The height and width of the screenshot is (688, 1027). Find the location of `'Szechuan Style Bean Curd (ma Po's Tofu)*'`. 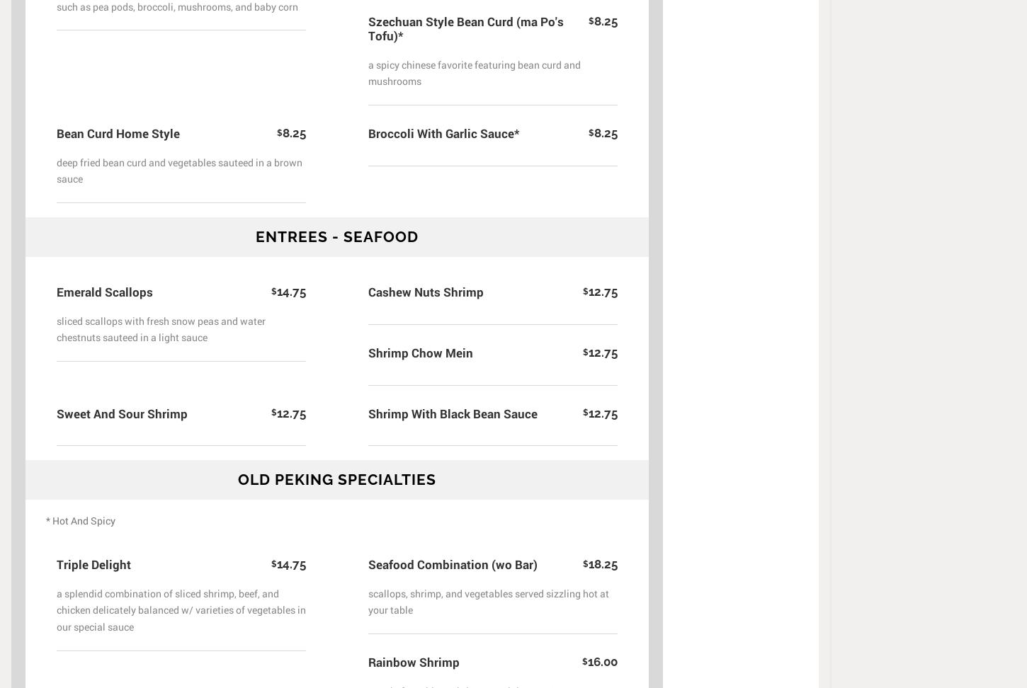

'Szechuan Style Bean Curd (ma Po's Tofu)*' is located at coordinates (465, 28).